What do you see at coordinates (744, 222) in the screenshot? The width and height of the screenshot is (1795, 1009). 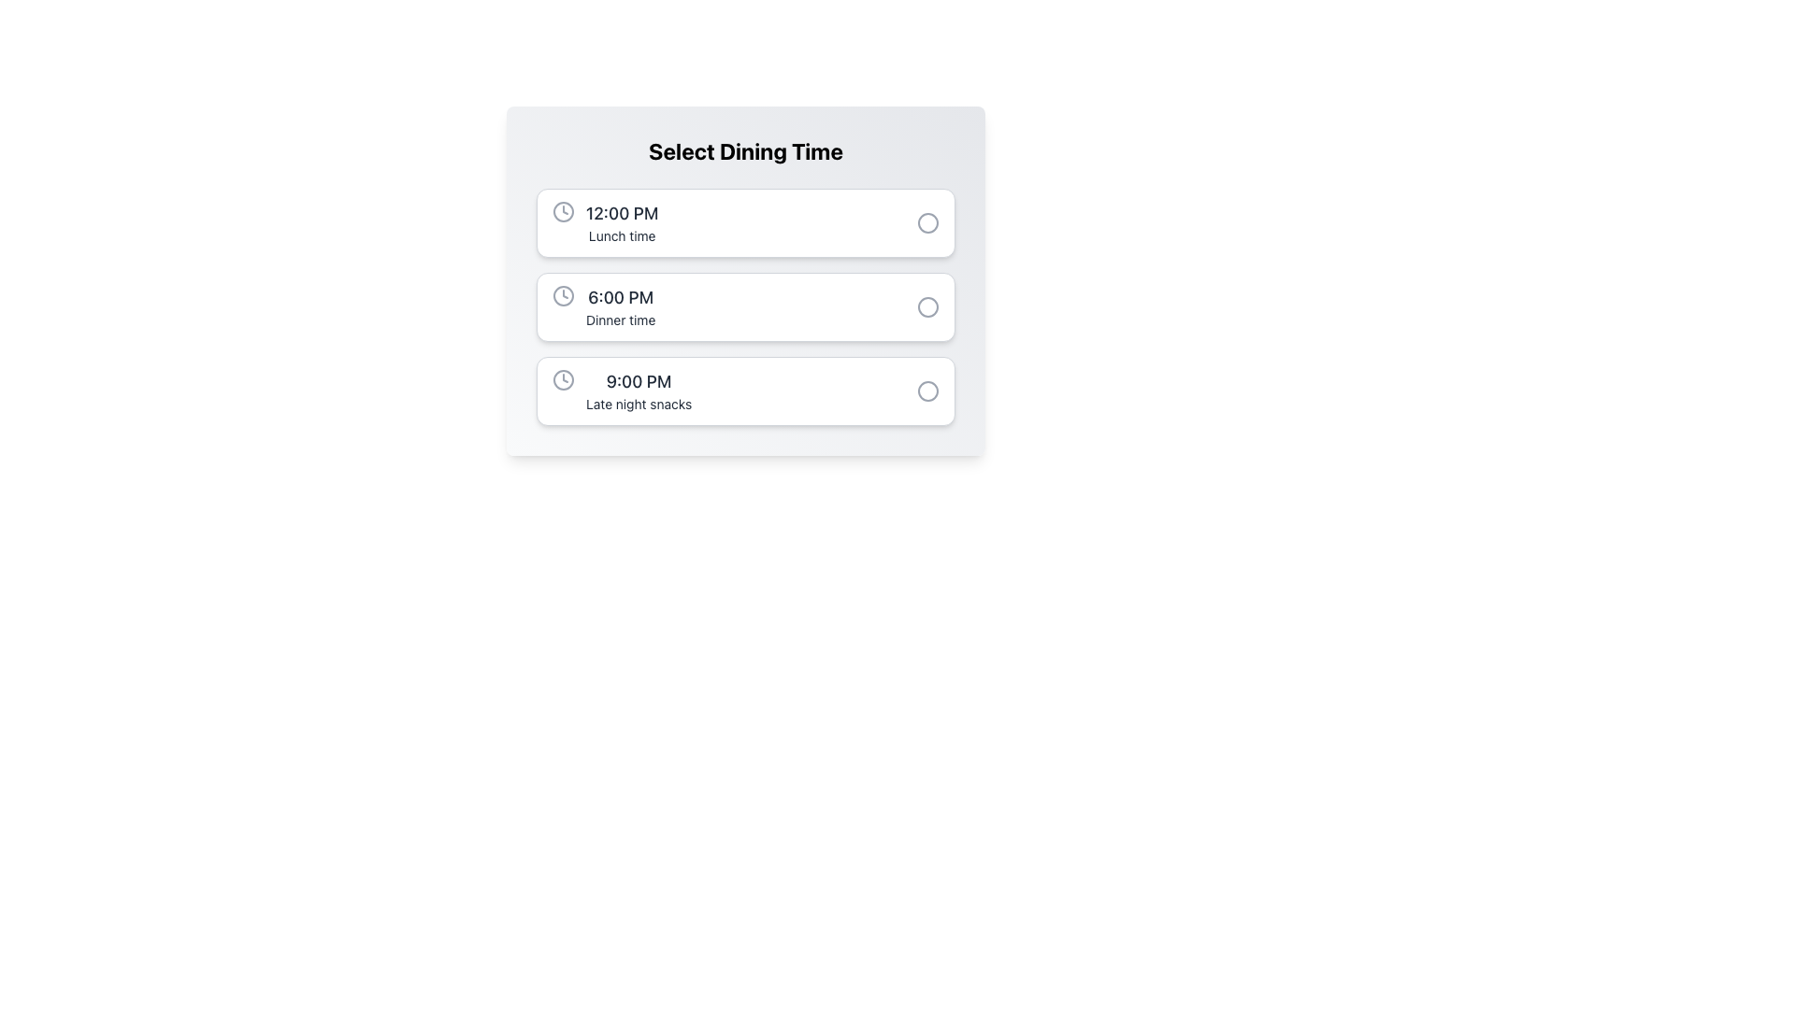 I see `the Option button for '12:00 PM Lunch time'` at bounding box center [744, 222].